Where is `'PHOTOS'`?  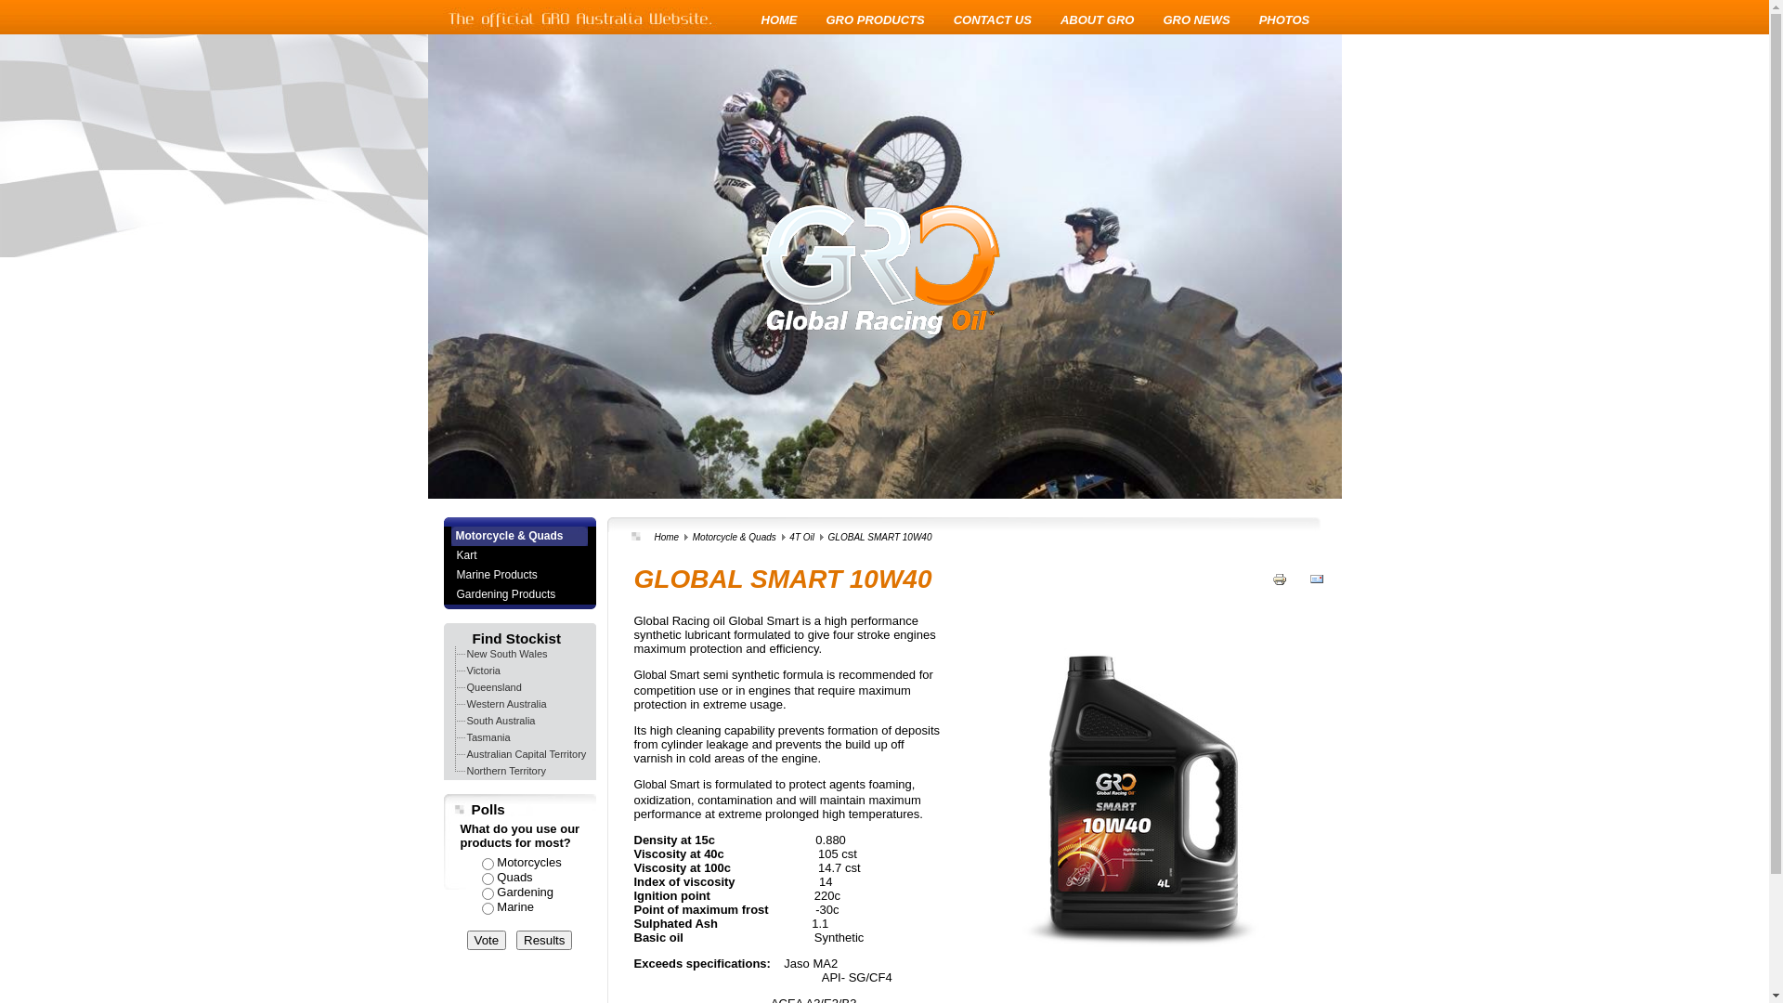
'PHOTOS' is located at coordinates (1283, 20).